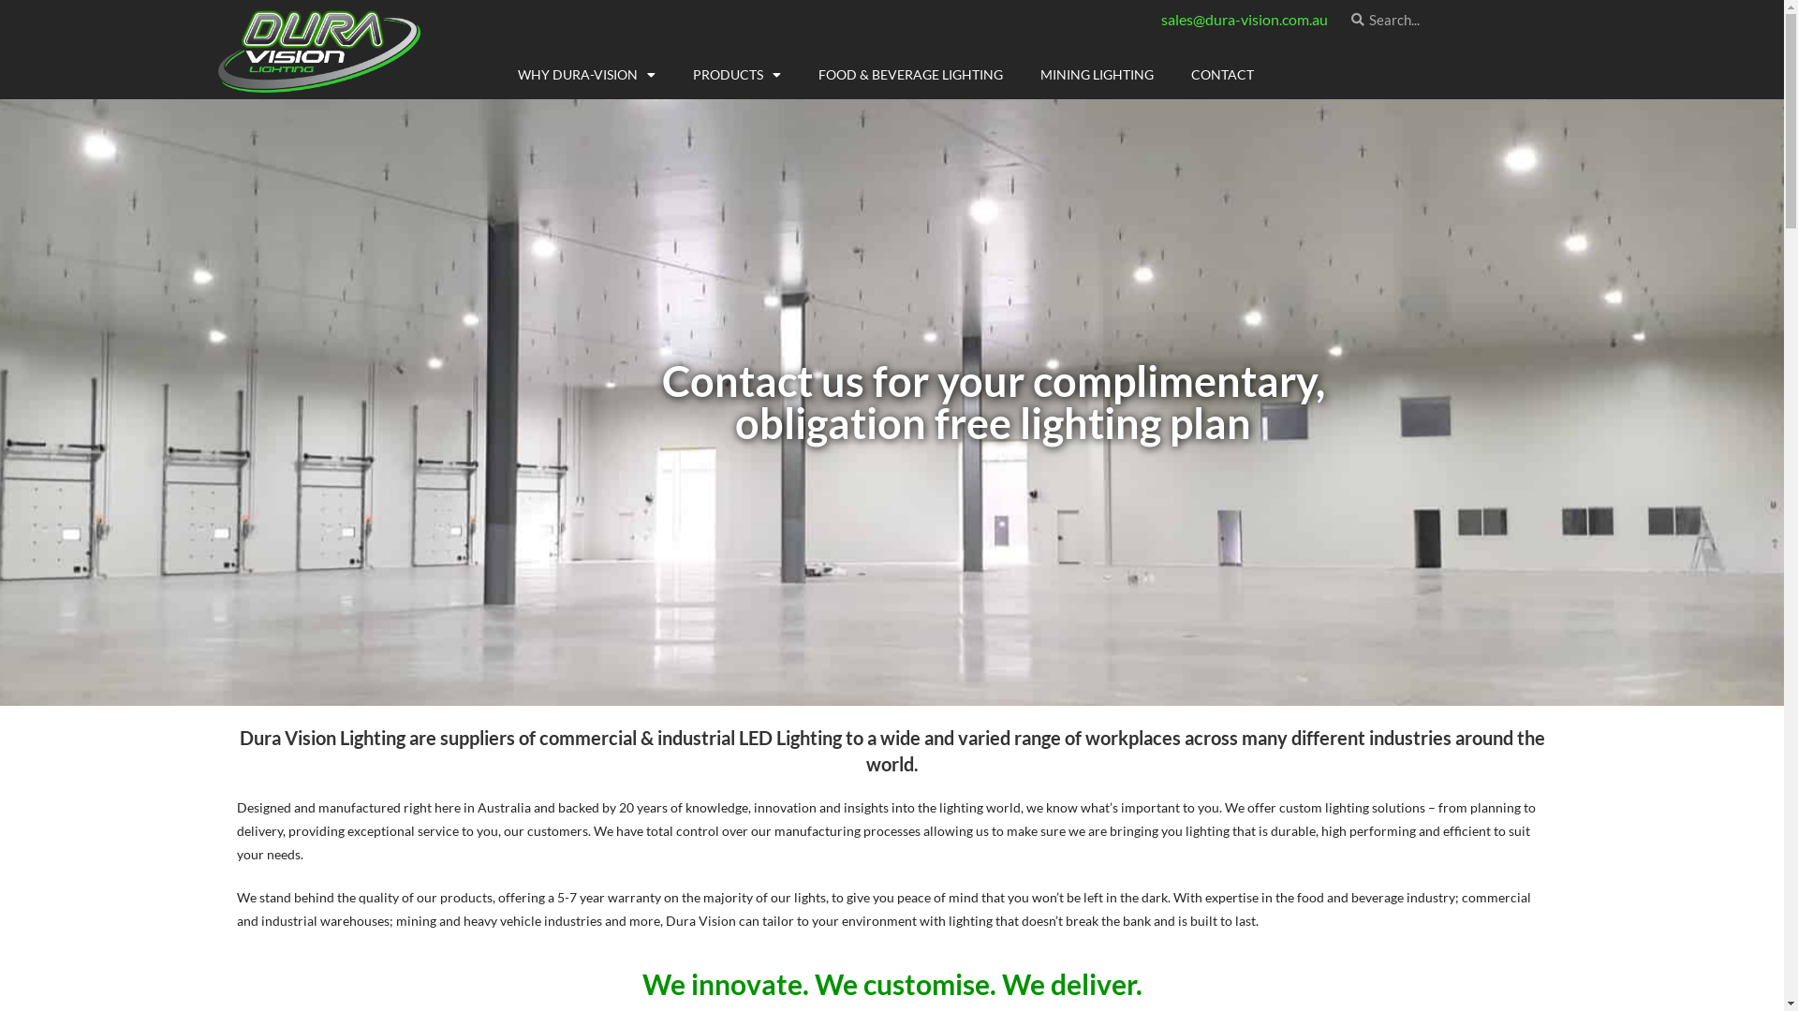 Image resolution: width=1798 pixels, height=1011 pixels. Describe the element at coordinates (674, 74) in the screenshot. I see `'PRODUCTS'` at that location.